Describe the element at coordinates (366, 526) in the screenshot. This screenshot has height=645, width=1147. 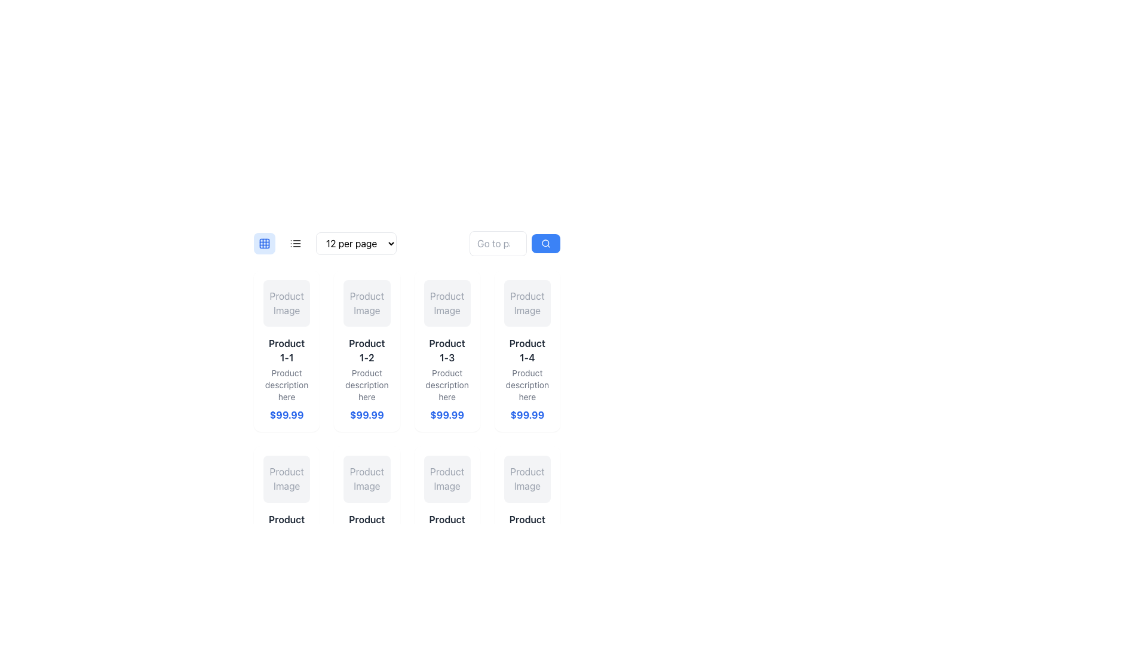
I see `the content of the text label displaying the name or identifier for the product on the second card in the second row from the left` at that location.